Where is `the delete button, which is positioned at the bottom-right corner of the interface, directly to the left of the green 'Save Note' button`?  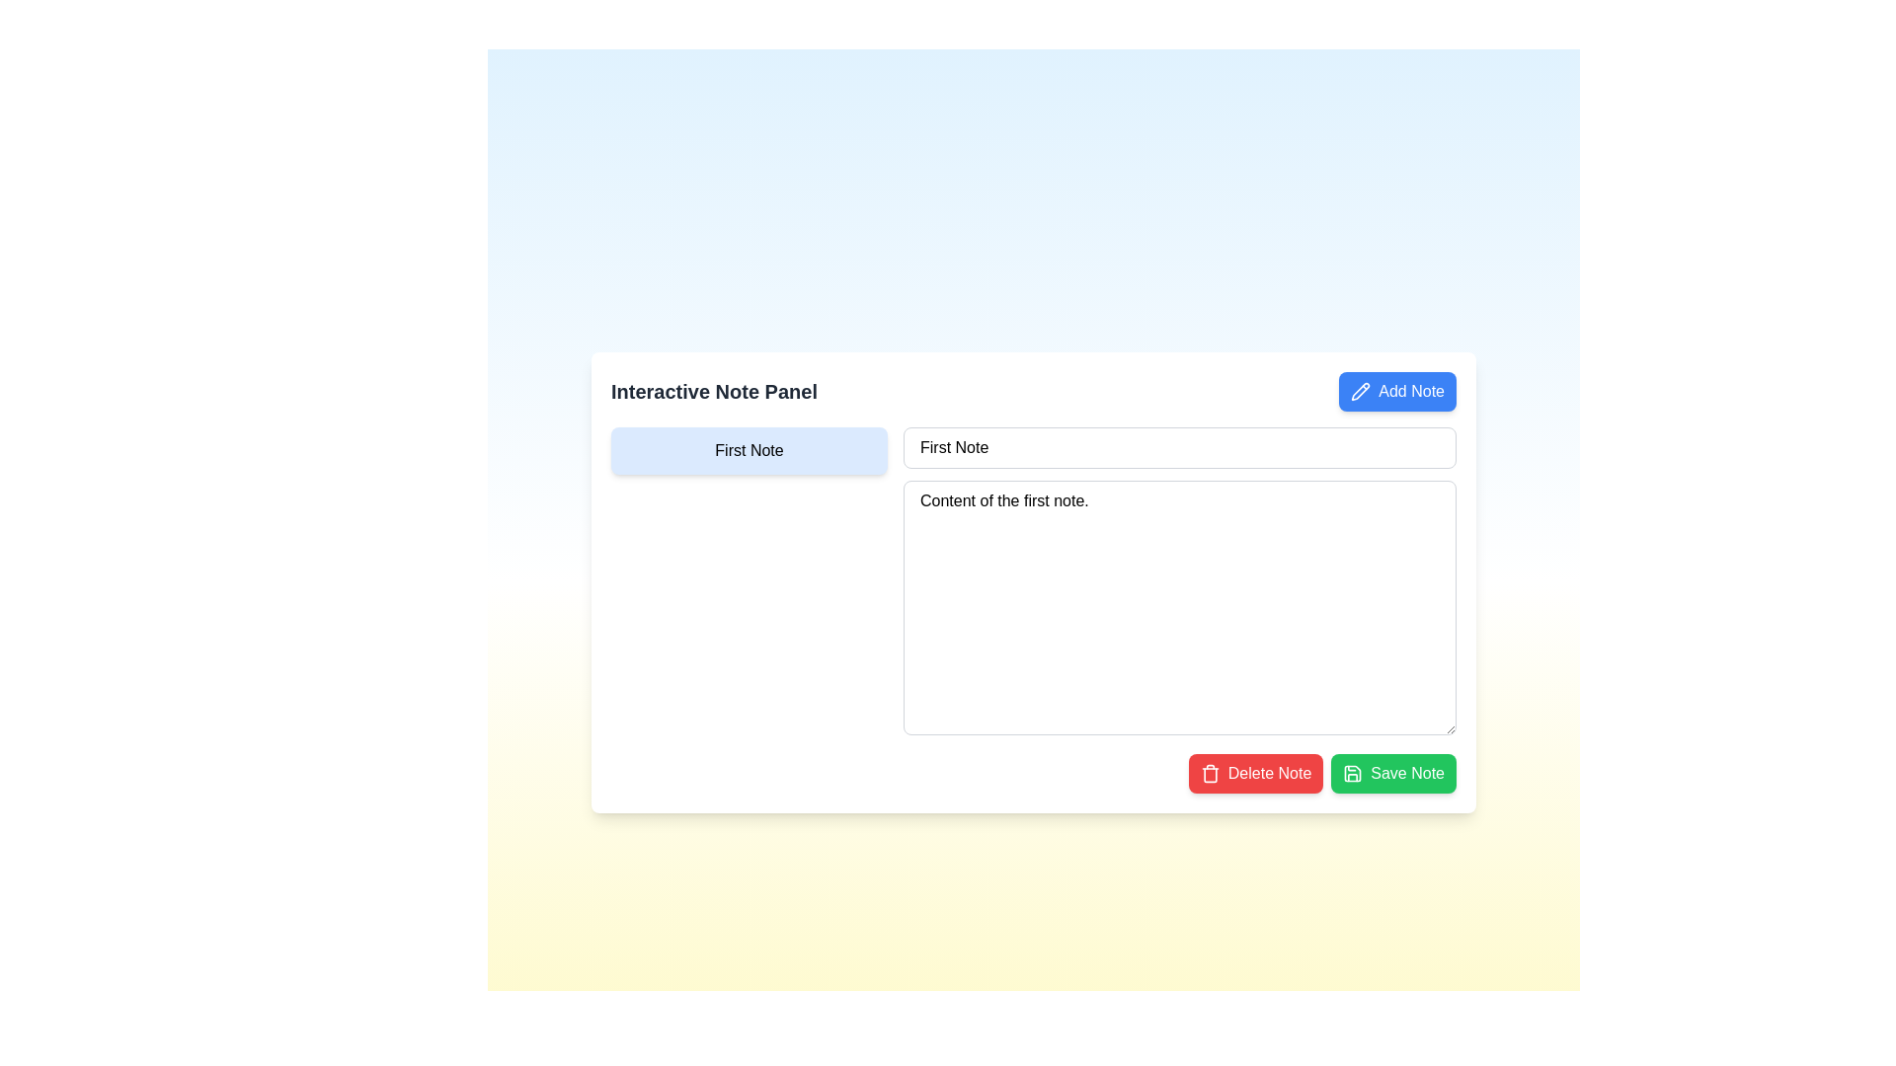 the delete button, which is positioned at the bottom-right corner of the interface, directly to the left of the green 'Save Note' button is located at coordinates (1255, 772).